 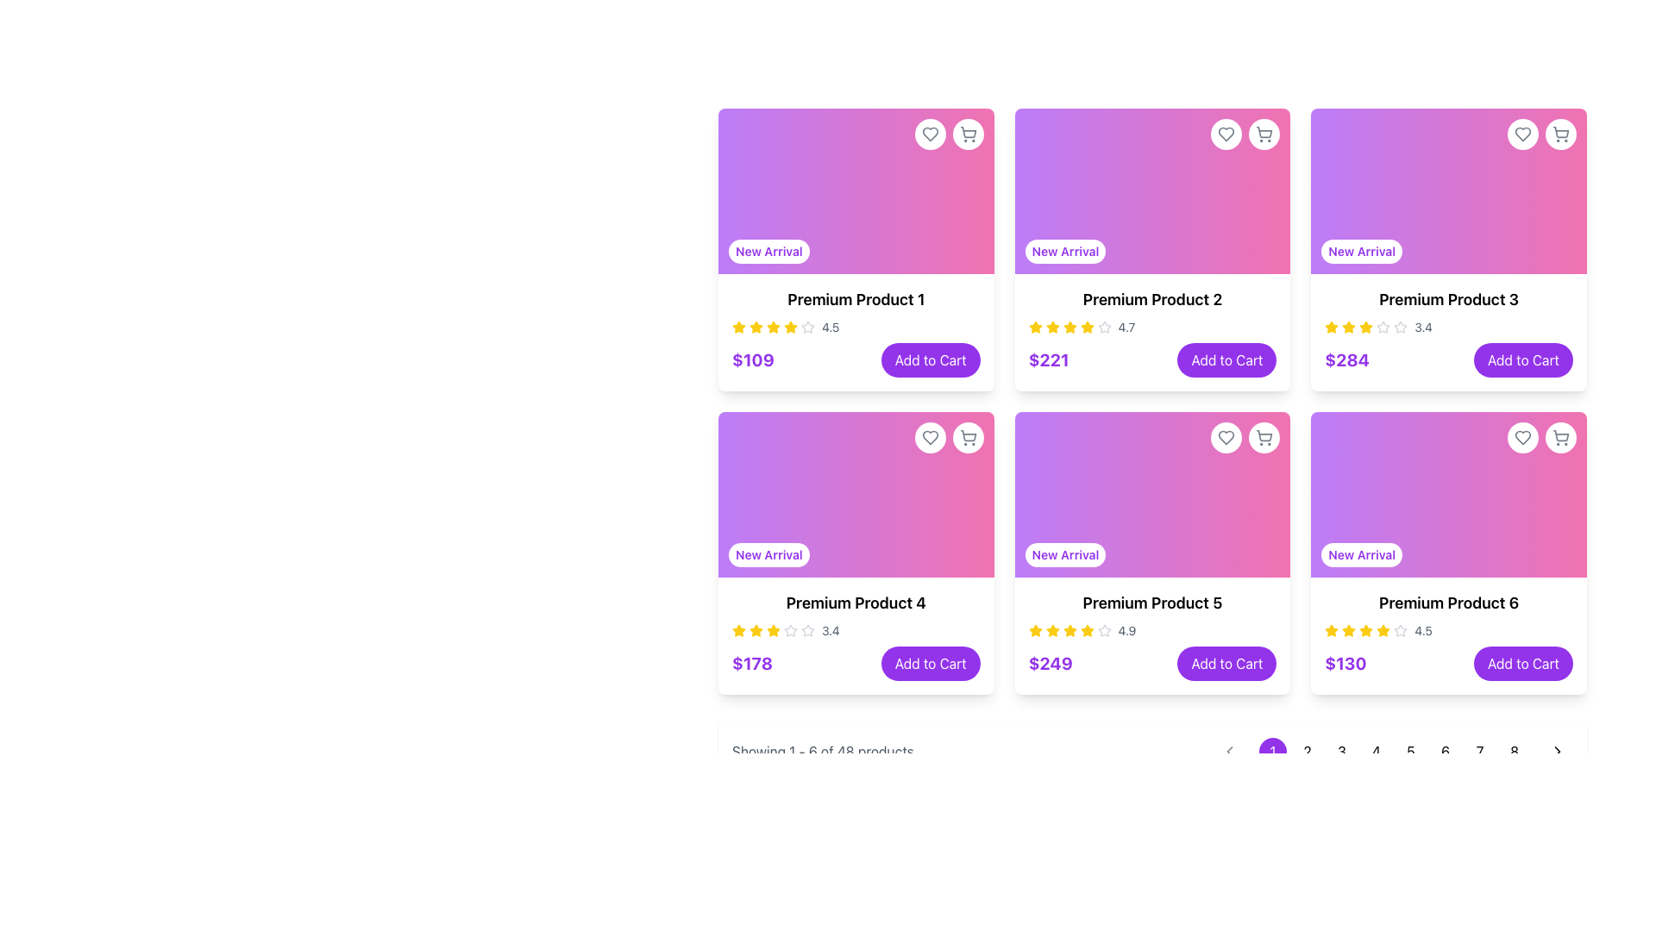 What do you see at coordinates (1557, 750) in the screenshot?
I see `the right-pointing arrow button located at the far-right edge of the pagination bar` at bounding box center [1557, 750].